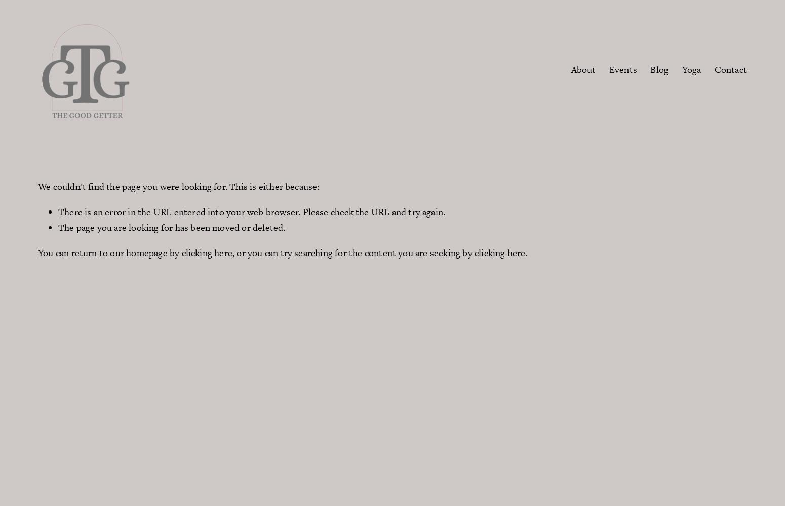 The height and width of the screenshot is (506, 785). What do you see at coordinates (650, 69) in the screenshot?
I see `'Blog'` at bounding box center [650, 69].